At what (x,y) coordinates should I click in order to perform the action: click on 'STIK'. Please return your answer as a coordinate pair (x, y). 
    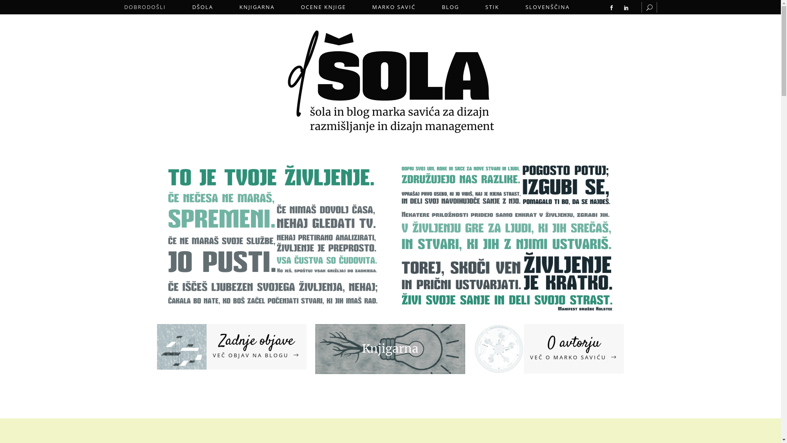
    Looking at the image, I should click on (492, 7).